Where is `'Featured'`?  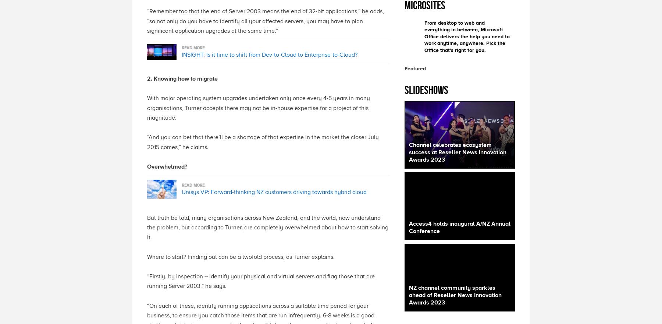
'Featured' is located at coordinates (414, 68).